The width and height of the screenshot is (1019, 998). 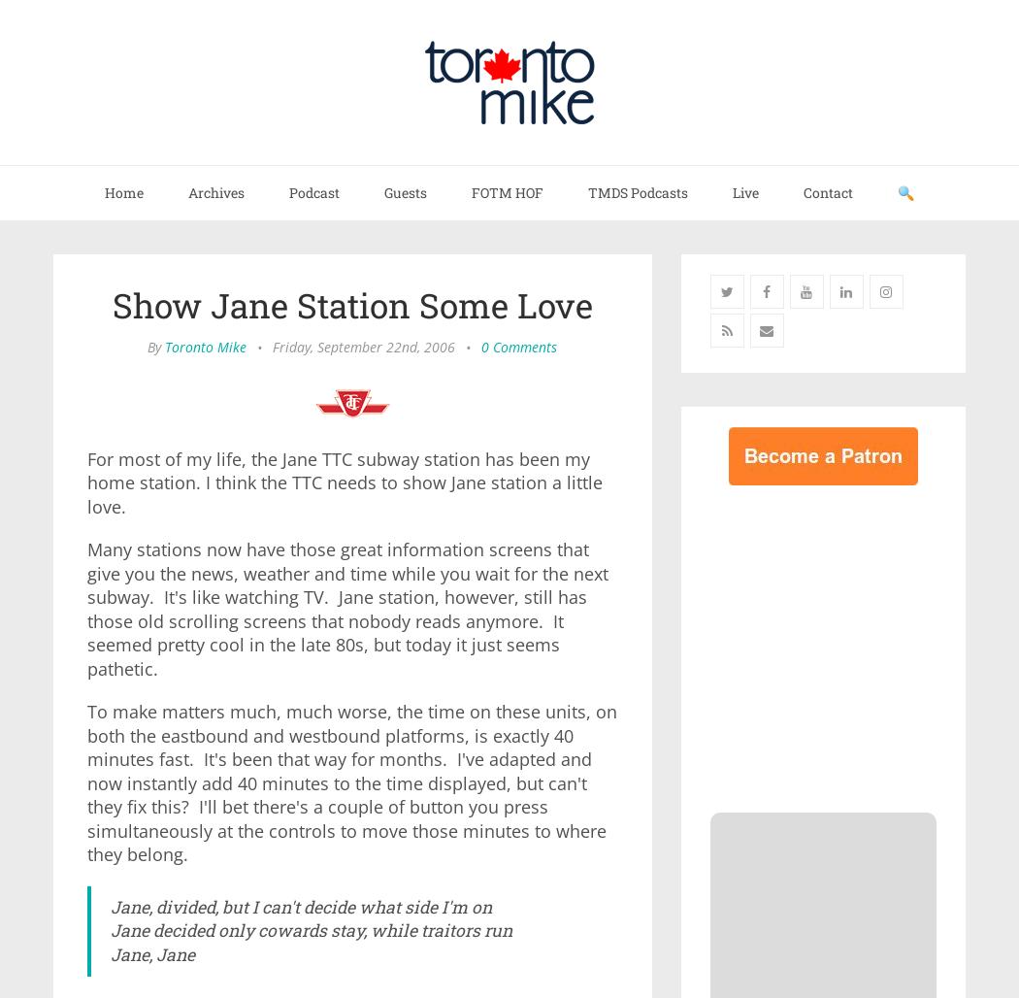 I want to click on 'To make matters much, much worse, the time on these units, on both the eastbound and westbound platforms, is exactly 40 minutes fast.  It's been that way for months.  I've adapted and now instantly add 40 minutes to the time displayed, but can't they fix this?  I'll bet there's a couple of button you press simultaneously at the controls to move those minutes to where they belong.', so click(x=350, y=782).